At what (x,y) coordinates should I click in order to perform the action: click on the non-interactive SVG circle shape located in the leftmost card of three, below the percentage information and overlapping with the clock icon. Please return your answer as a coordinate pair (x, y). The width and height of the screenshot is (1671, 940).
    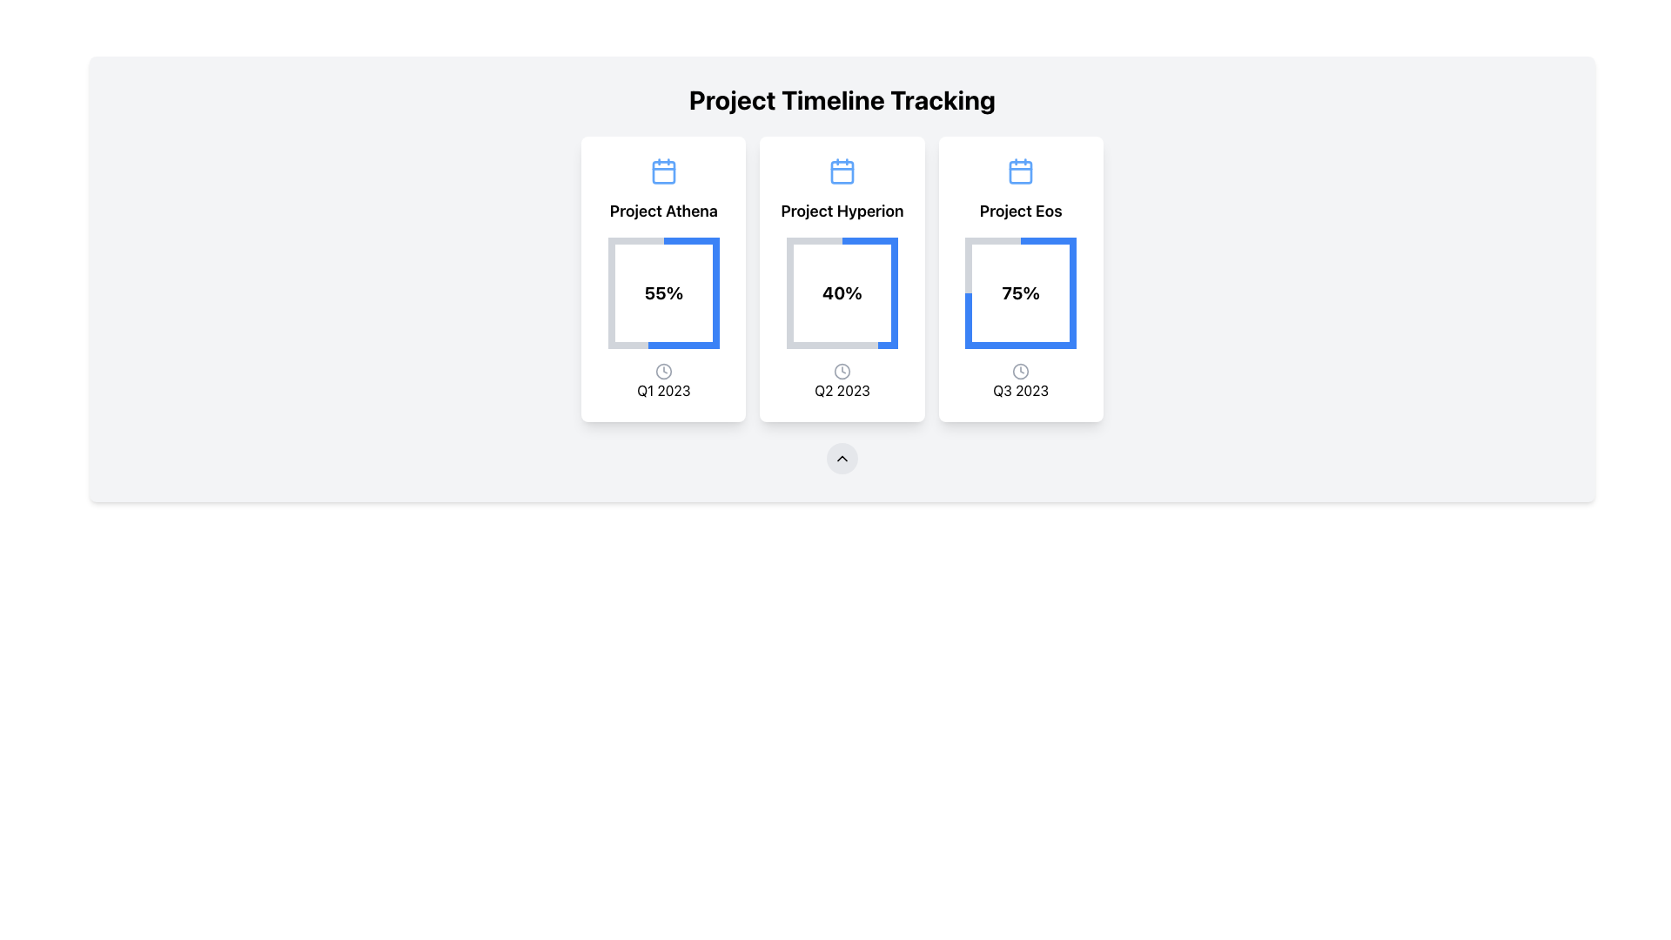
    Looking at the image, I should click on (662, 371).